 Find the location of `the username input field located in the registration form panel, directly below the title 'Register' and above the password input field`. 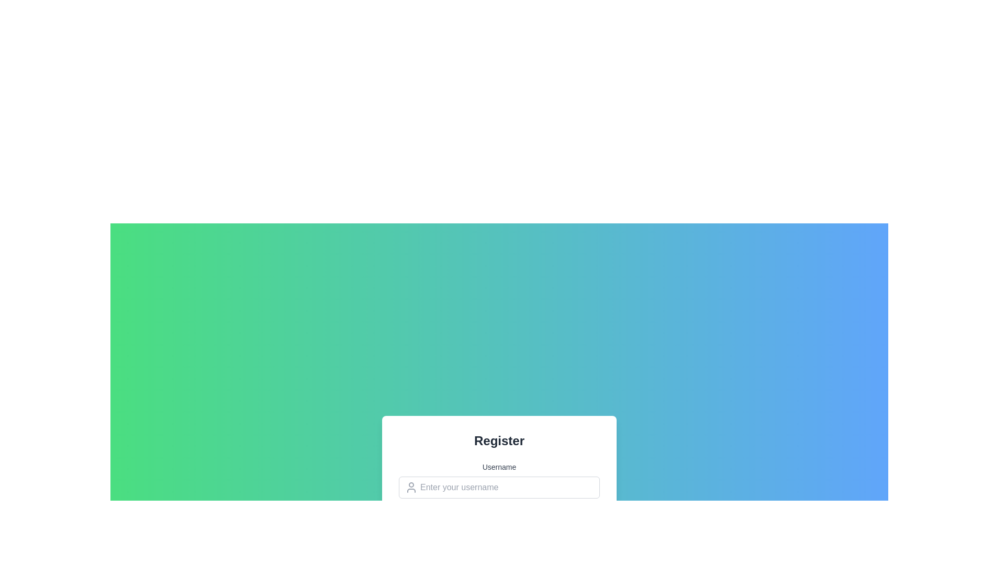

the username input field located in the registration form panel, directly below the title 'Register' and above the password input field is located at coordinates (499, 480).